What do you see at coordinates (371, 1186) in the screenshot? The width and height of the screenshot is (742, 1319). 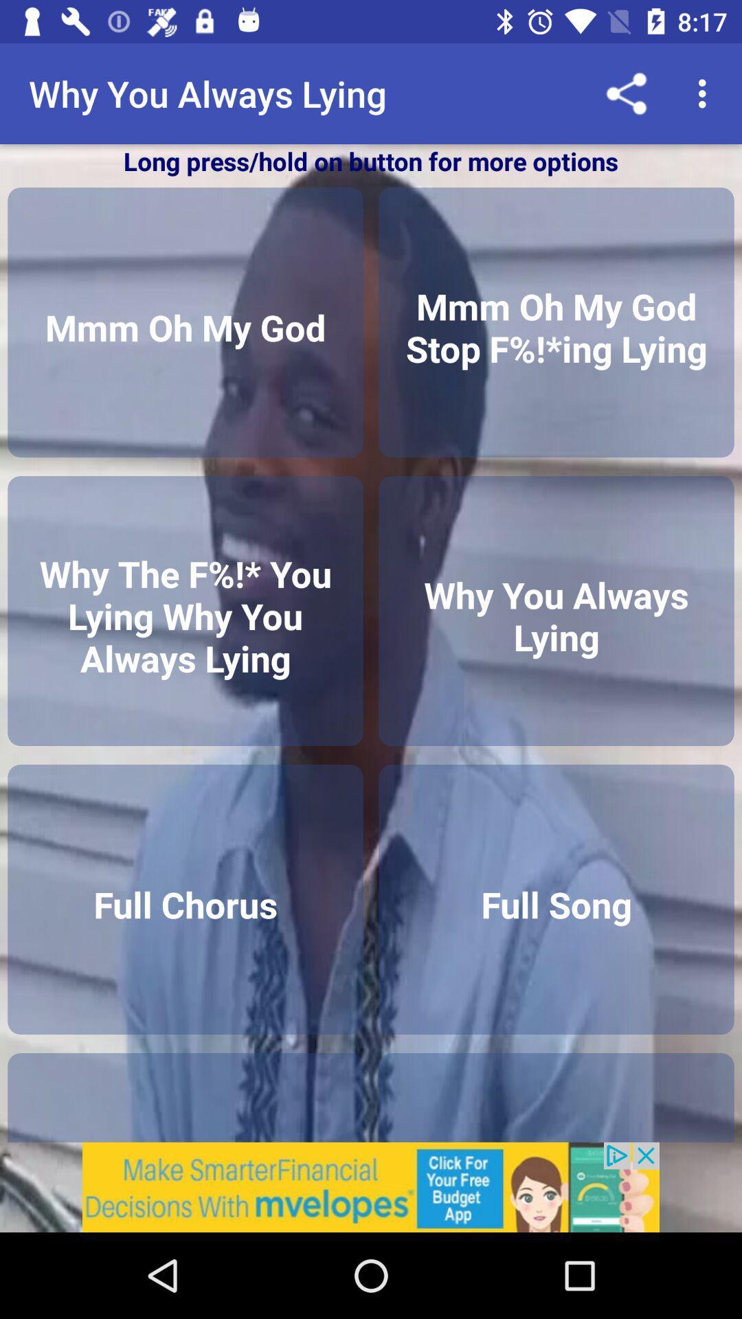 I see `remove the add` at bounding box center [371, 1186].